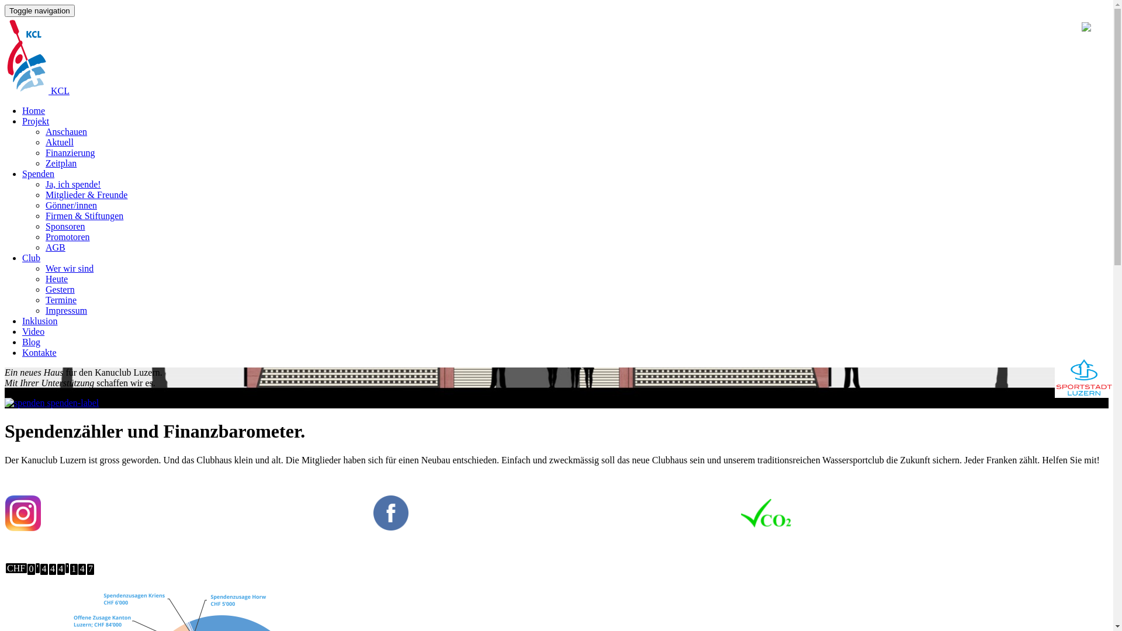 The height and width of the screenshot is (631, 1122). I want to click on 'KCL', so click(37, 90).